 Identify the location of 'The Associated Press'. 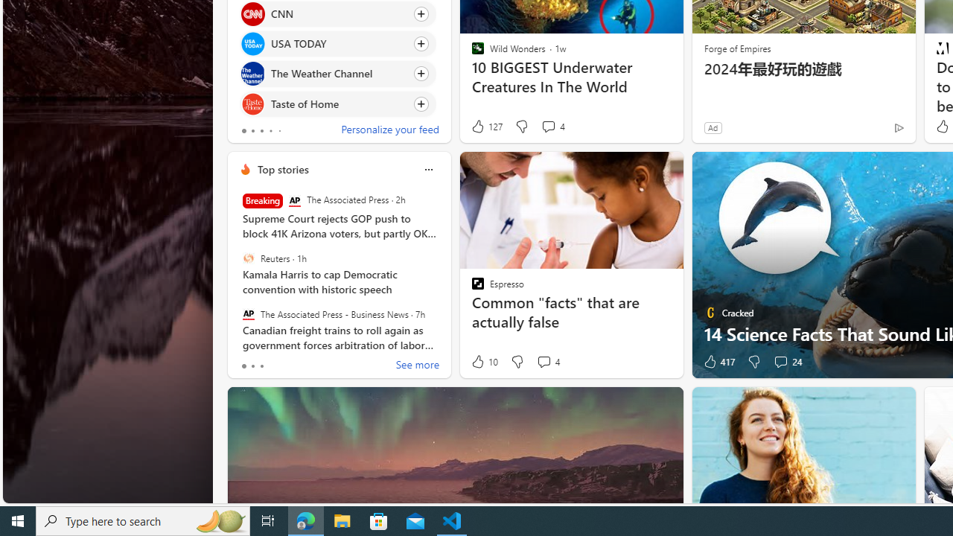
(294, 201).